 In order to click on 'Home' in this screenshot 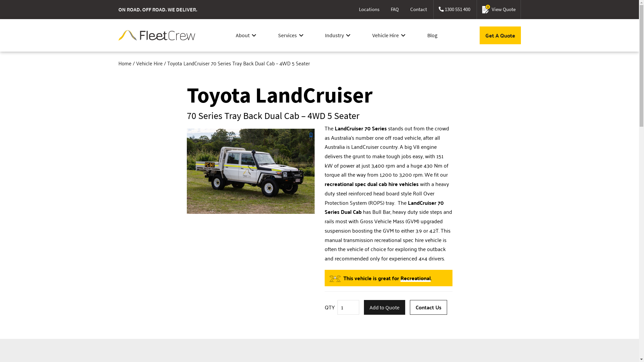, I will do `click(118, 63)`.